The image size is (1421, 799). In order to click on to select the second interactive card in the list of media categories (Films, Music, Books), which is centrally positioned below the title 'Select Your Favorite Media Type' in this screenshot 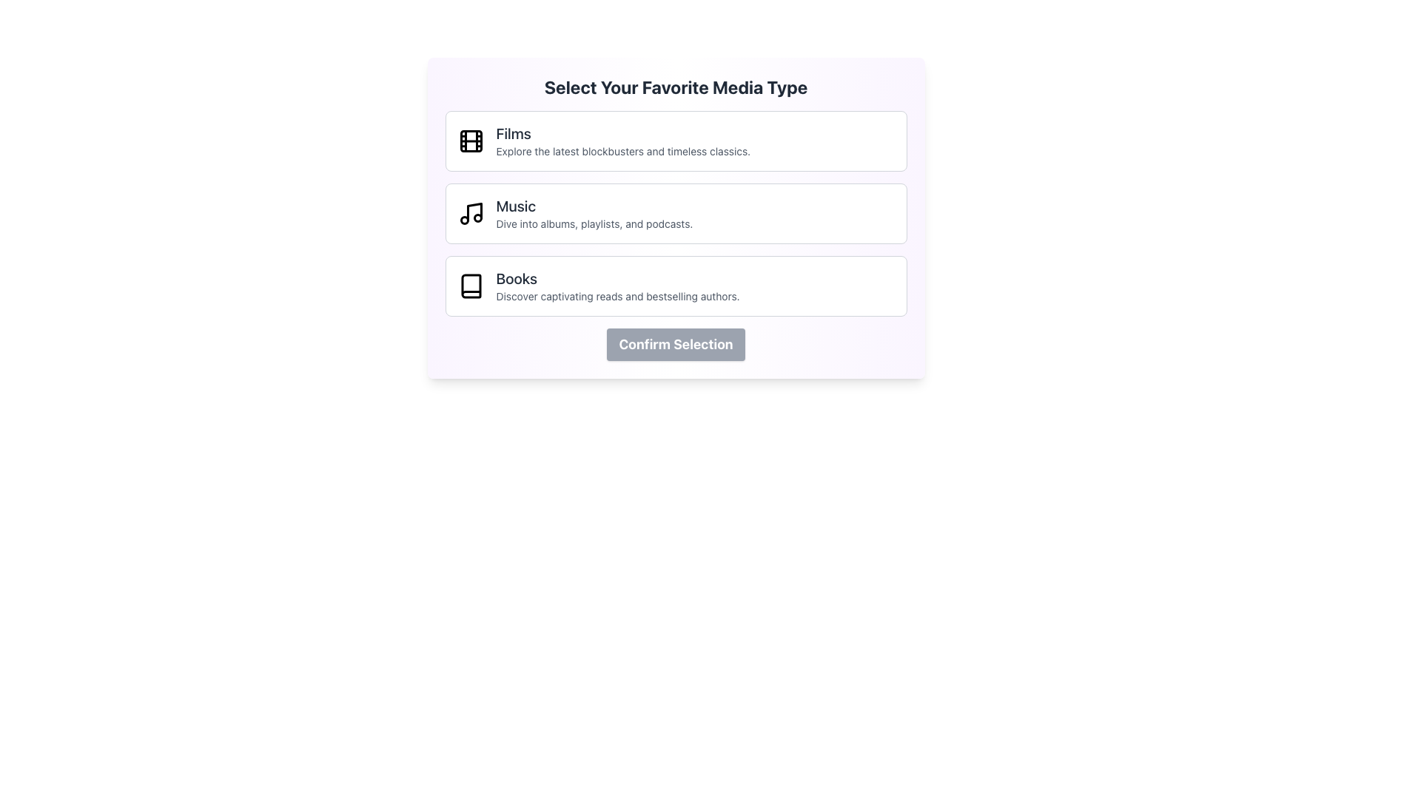, I will do `click(675, 214)`.